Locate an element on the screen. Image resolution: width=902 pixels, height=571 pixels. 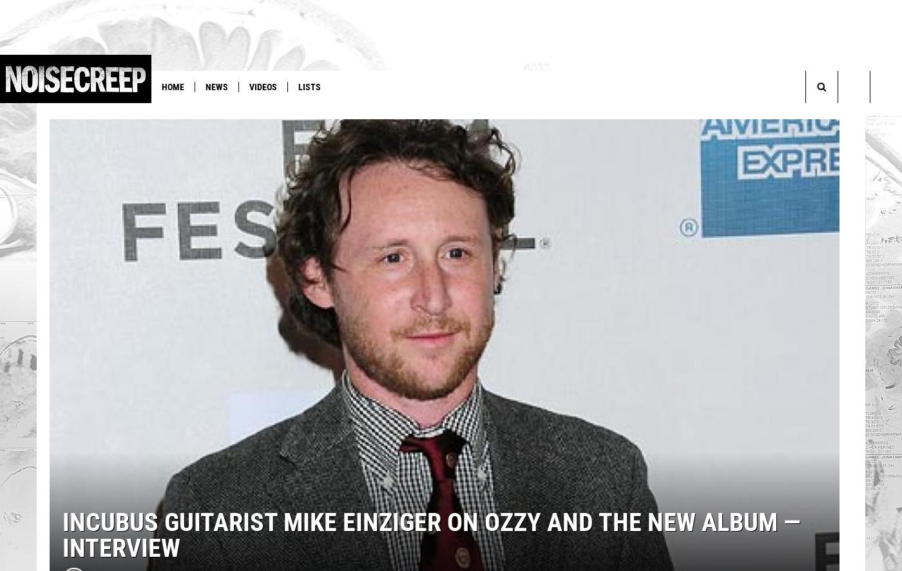
'Judas Priest' is located at coordinates (329, 112).